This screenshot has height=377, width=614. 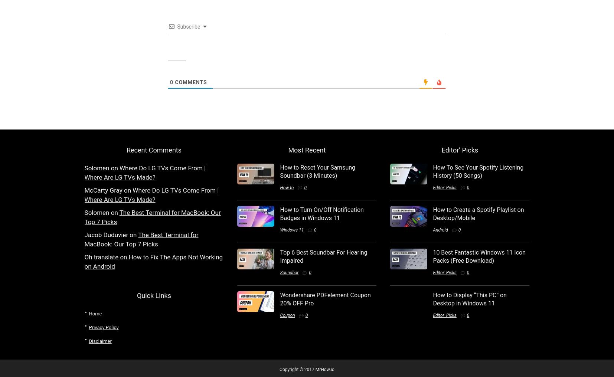 What do you see at coordinates (291, 230) in the screenshot?
I see `'Windows 11'` at bounding box center [291, 230].